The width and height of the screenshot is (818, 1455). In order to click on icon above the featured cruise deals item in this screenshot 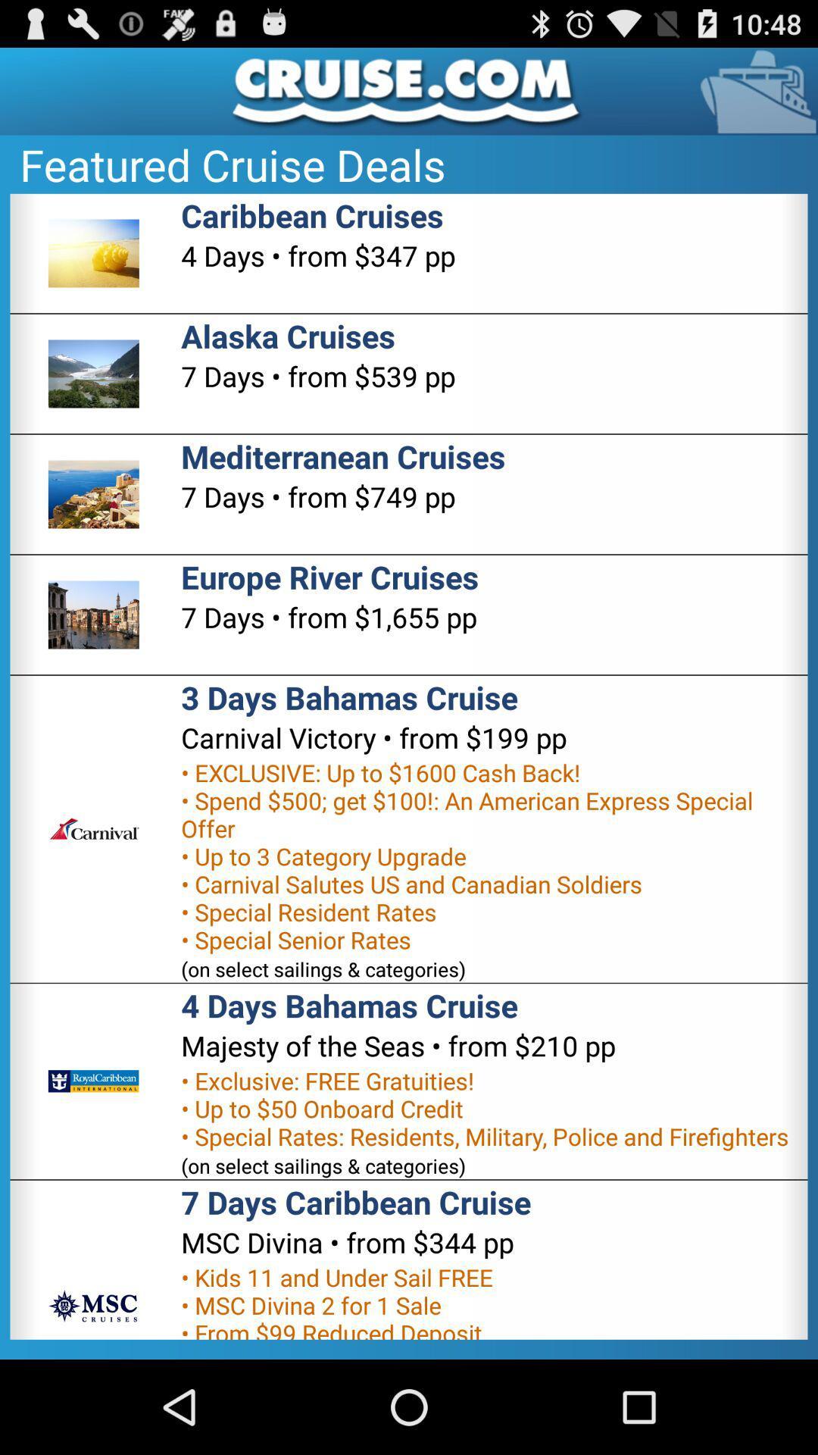, I will do `click(409, 90)`.